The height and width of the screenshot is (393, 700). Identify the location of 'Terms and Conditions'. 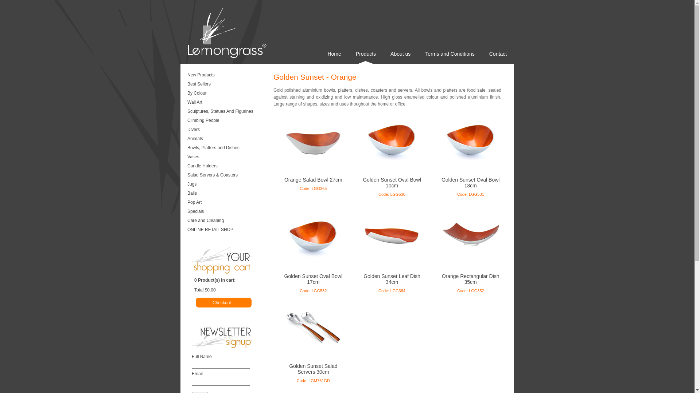
(449, 57).